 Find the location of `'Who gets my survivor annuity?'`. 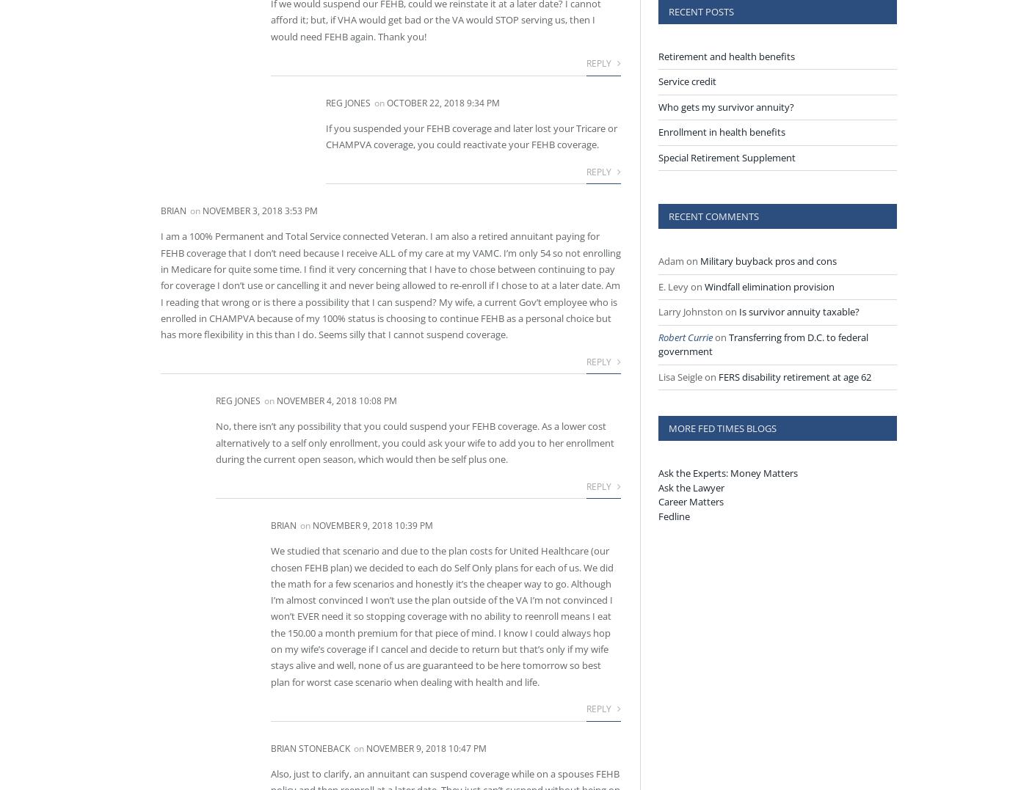

'Who gets my survivor annuity?' is located at coordinates (726, 106).